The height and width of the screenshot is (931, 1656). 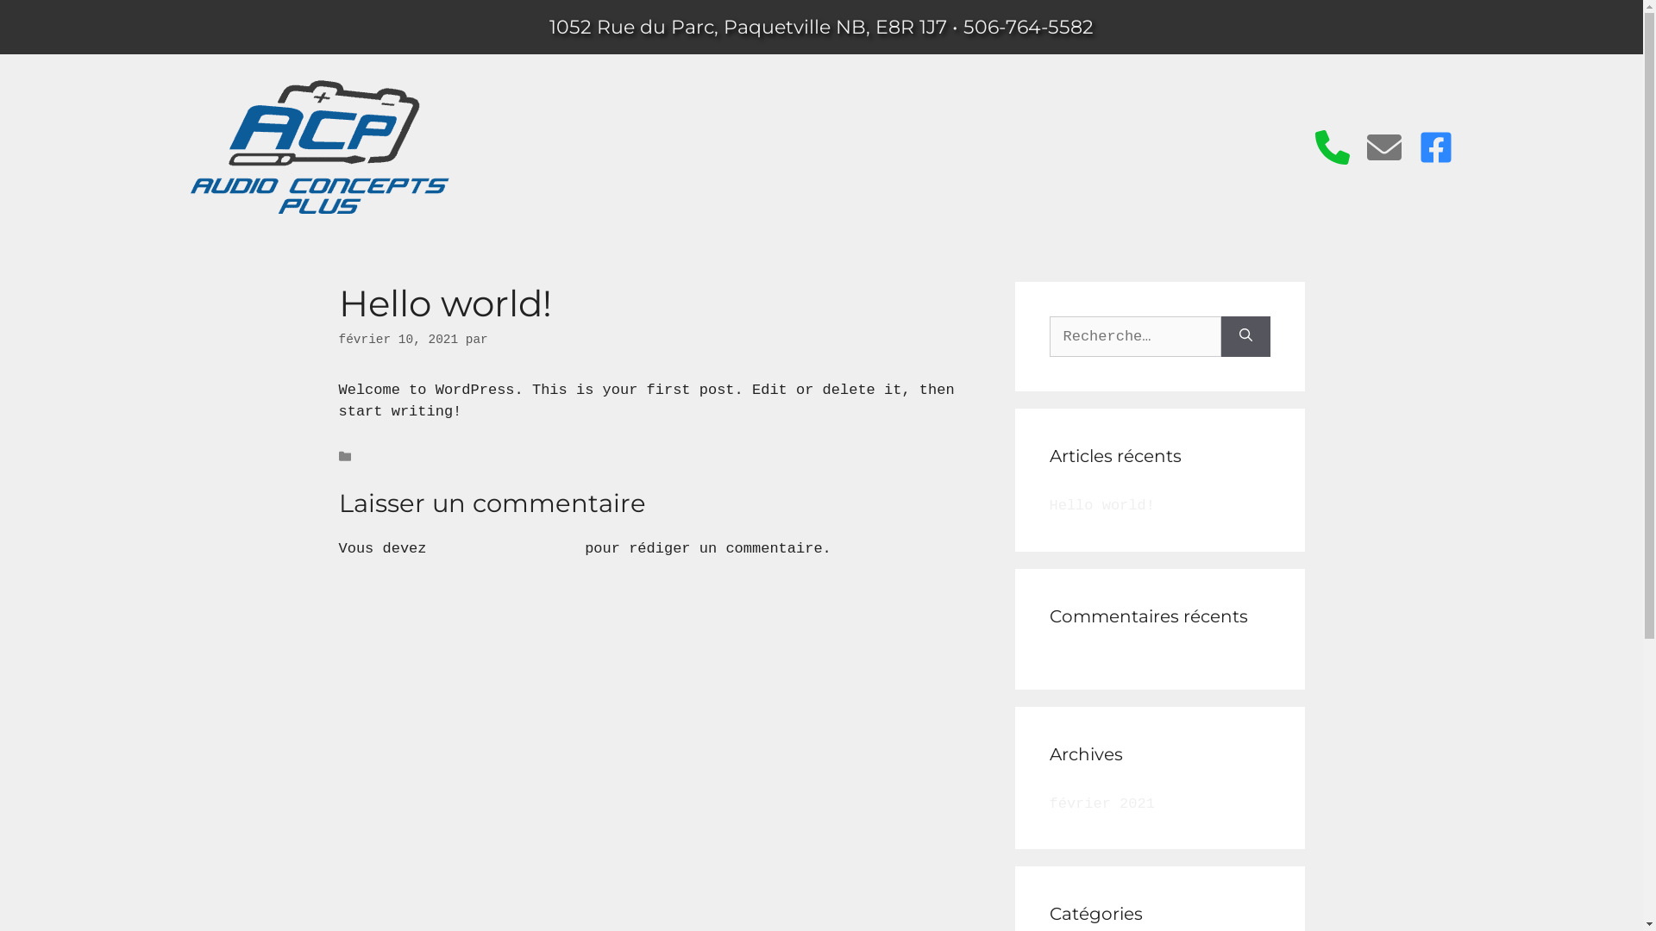 I want to click on 'Audio Concept Plus', so click(x=318, y=146).